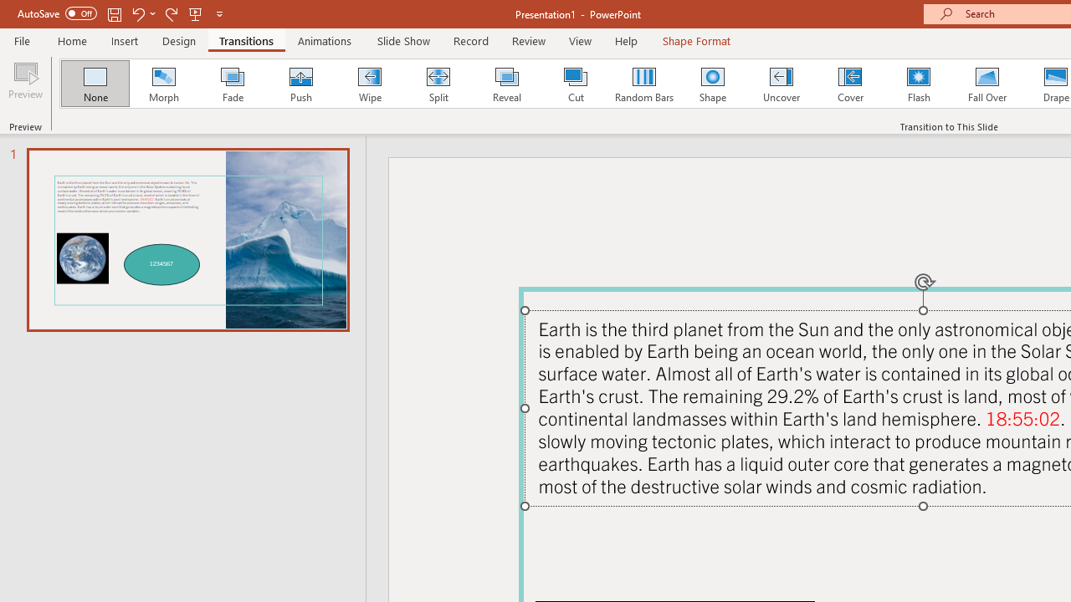 The image size is (1071, 602). I want to click on 'Fade', so click(231, 84).